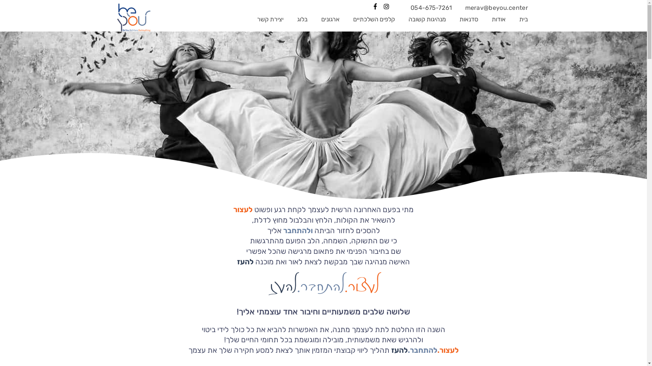 The height and width of the screenshot is (366, 652). Describe the element at coordinates (496, 8) in the screenshot. I see `'merav@beyou.center'` at that location.